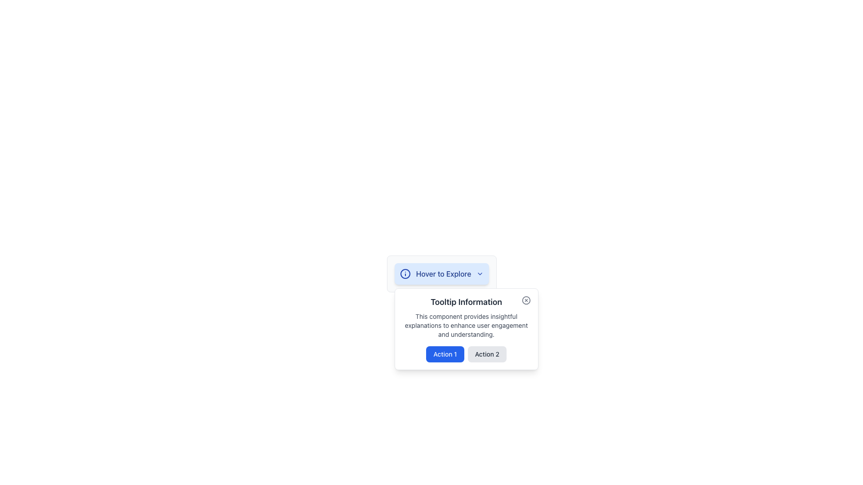  Describe the element at coordinates (466, 326) in the screenshot. I see `the Text Display element that contains the text 'This component provides insightful explanations to enhance user engagement and understanding.'` at that location.